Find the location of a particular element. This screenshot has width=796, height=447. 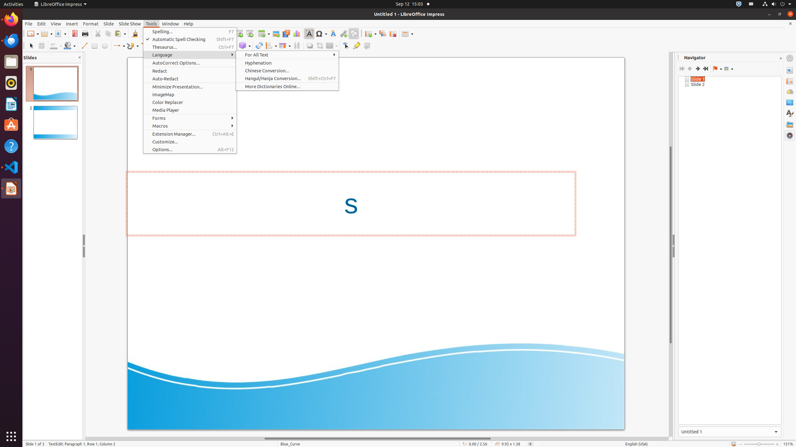

'Media Player' is located at coordinates (190, 110).